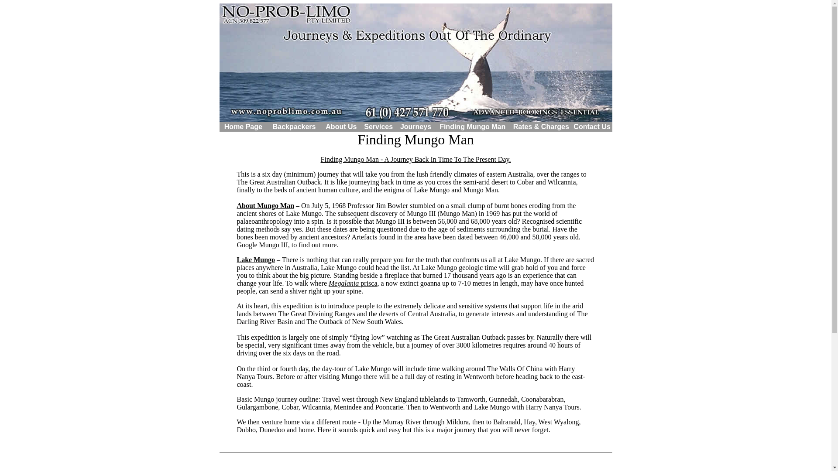  What do you see at coordinates (540, 126) in the screenshot?
I see `'Rates & Charges'` at bounding box center [540, 126].